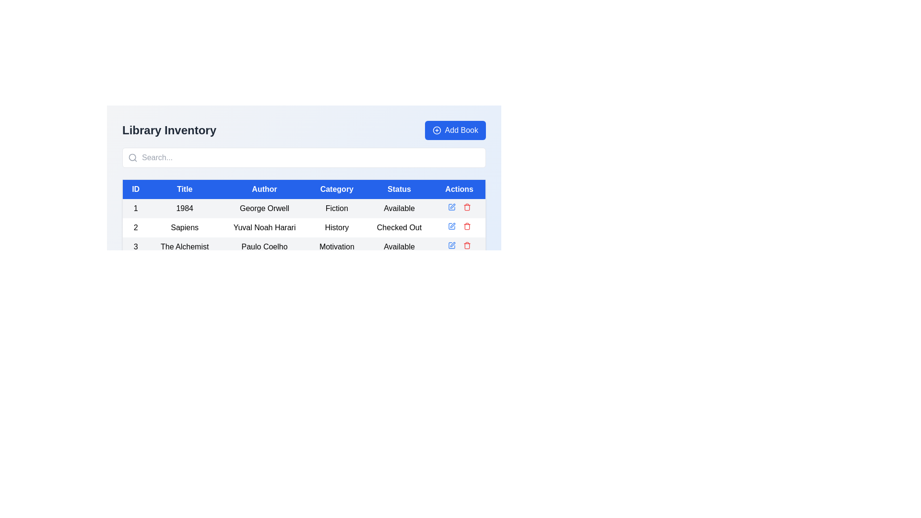  What do you see at coordinates (303, 247) in the screenshot?
I see `the third row of the table` at bounding box center [303, 247].